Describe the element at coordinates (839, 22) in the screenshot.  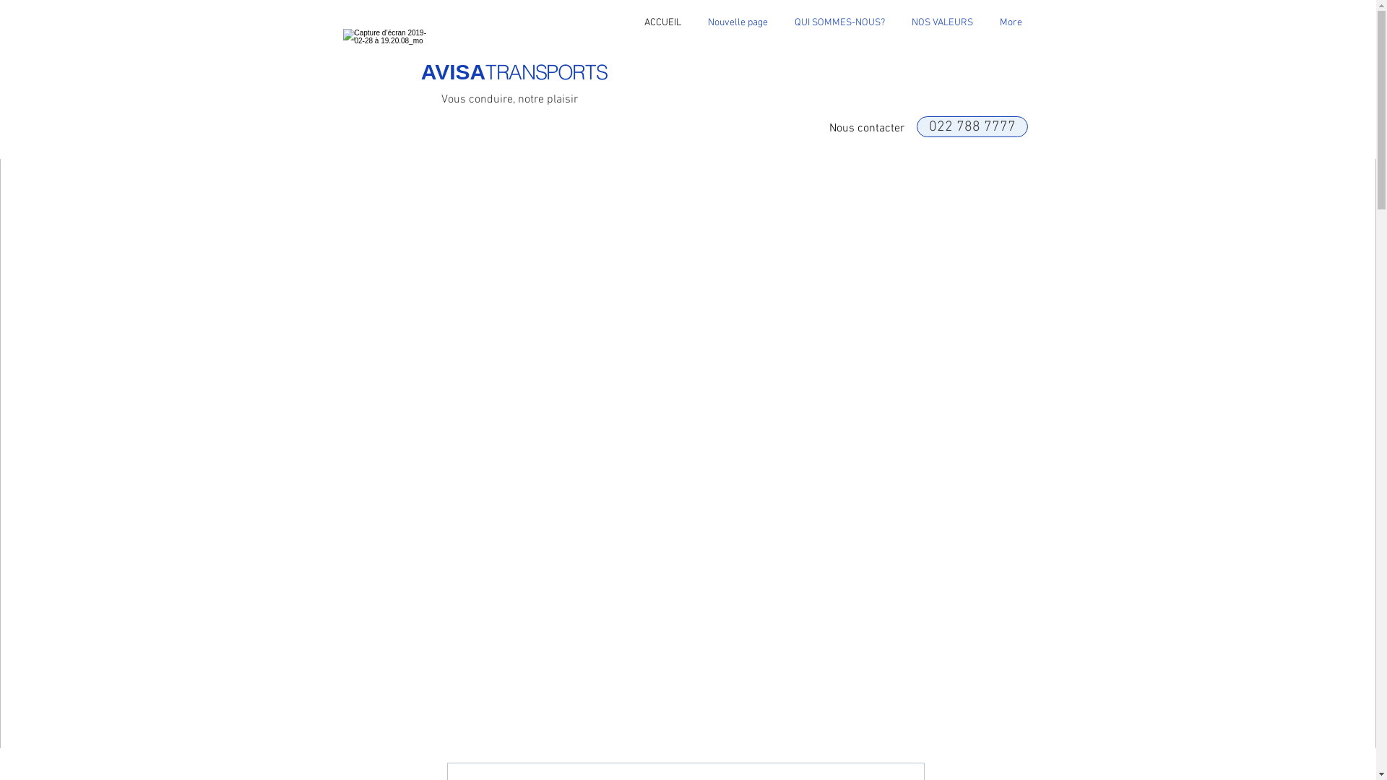
I see `'QUI SOMMES-NOUS?'` at that location.